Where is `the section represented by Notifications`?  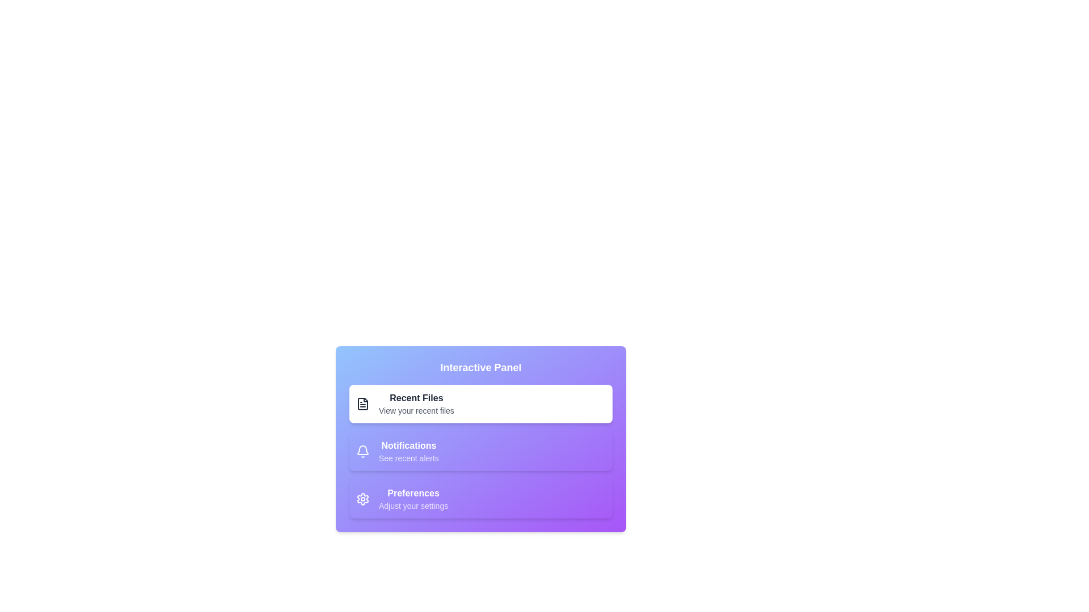 the section represented by Notifications is located at coordinates (362, 451).